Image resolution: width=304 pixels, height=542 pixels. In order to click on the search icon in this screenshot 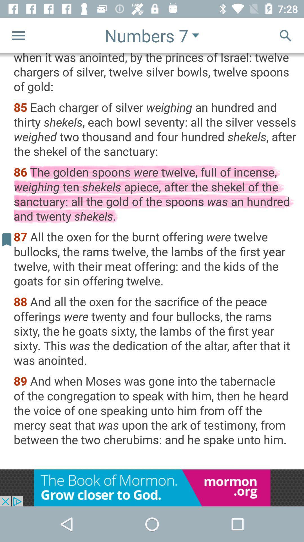, I will do `click(285, 35)`.